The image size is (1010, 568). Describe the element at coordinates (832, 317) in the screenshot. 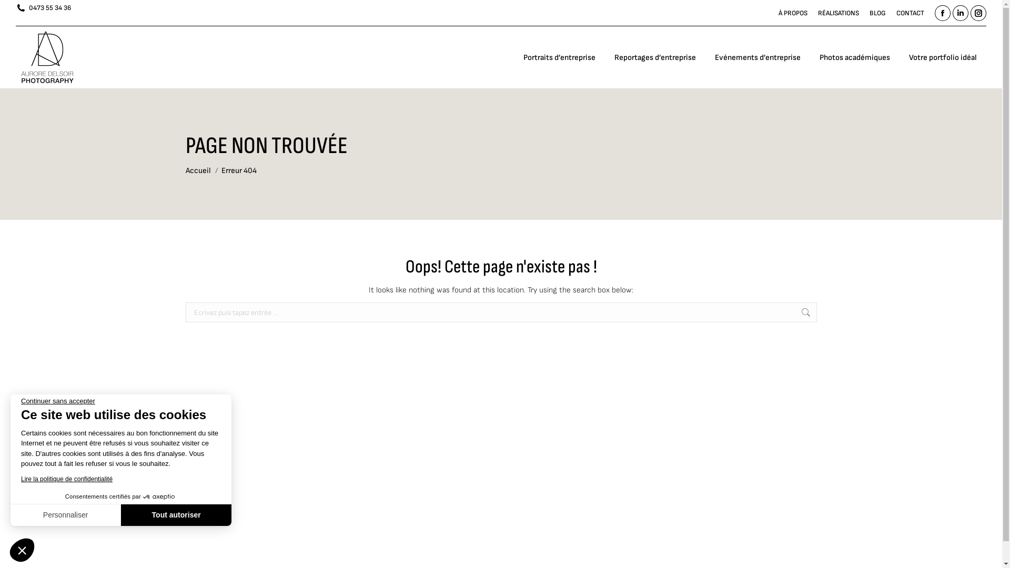

I see `'Go!'` at that location.